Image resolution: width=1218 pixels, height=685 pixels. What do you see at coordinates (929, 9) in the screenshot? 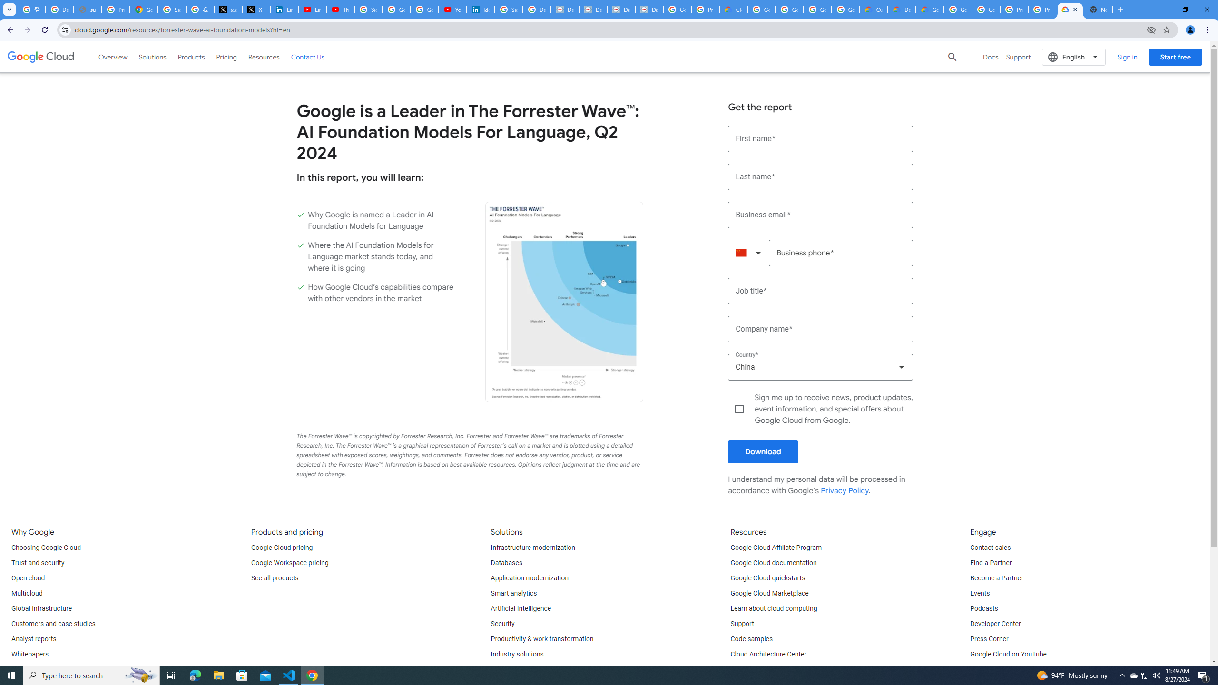
I see `'Gemini for Business and Developers | Google Cloud'` at bounding box center [929, 9].